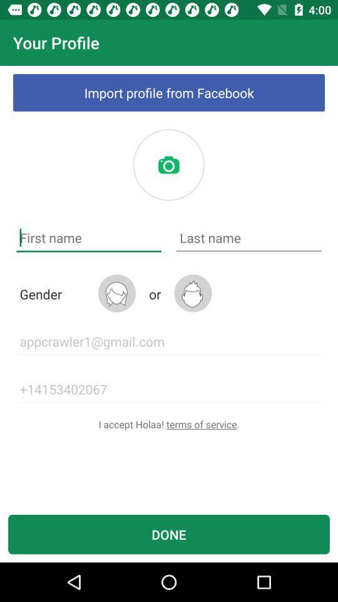  I want to click on item above done icon, so click(169, 424).